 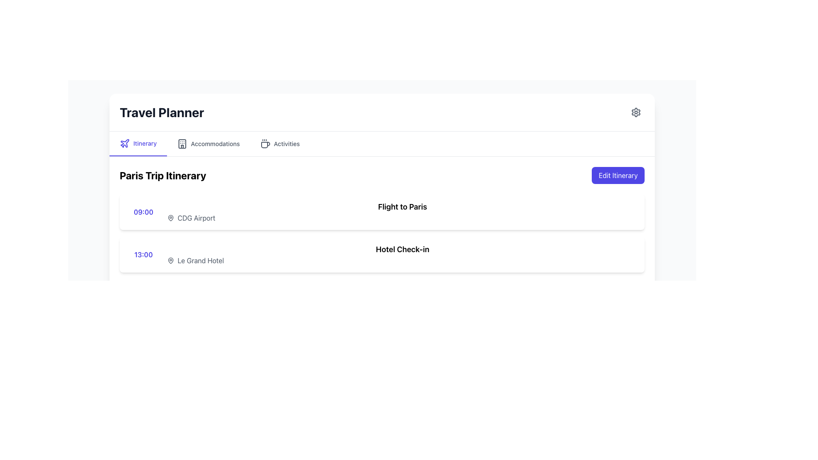 I want to click on the 'Itinerary' icon located at the top left section of the interface, which is part of the horizontal navigation bar, so click(x=124, y=143).